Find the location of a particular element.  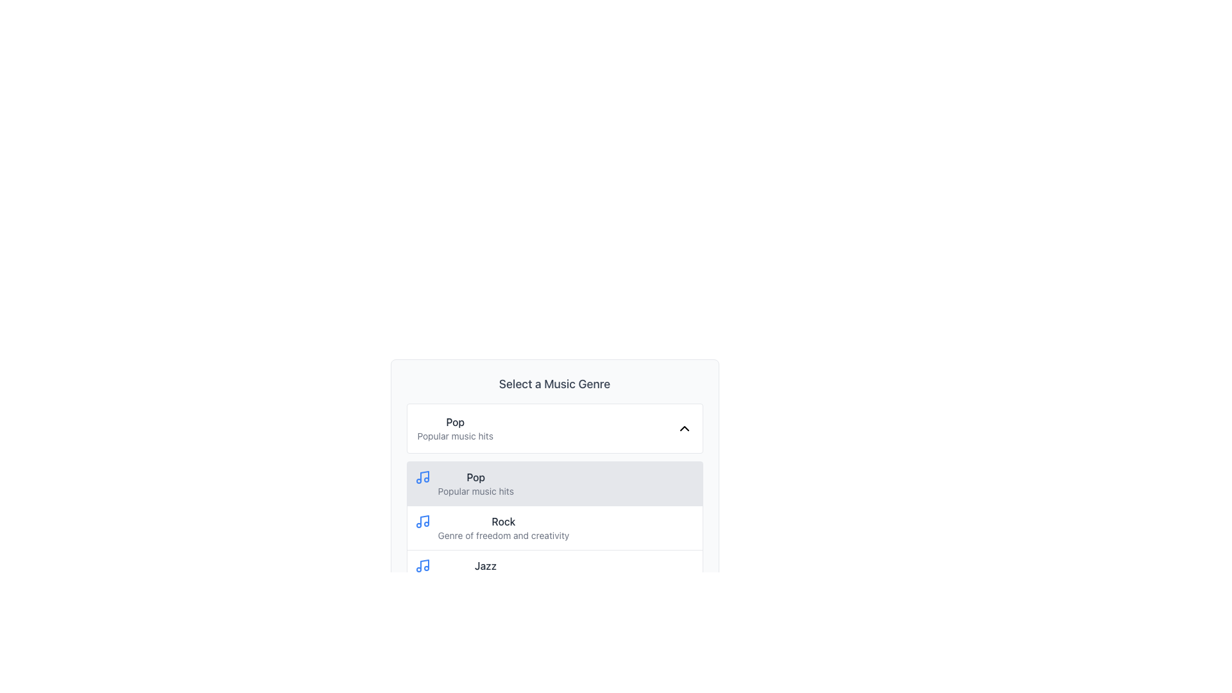

the 'Rock' music genre list item element is located at coordinates (554, 527).